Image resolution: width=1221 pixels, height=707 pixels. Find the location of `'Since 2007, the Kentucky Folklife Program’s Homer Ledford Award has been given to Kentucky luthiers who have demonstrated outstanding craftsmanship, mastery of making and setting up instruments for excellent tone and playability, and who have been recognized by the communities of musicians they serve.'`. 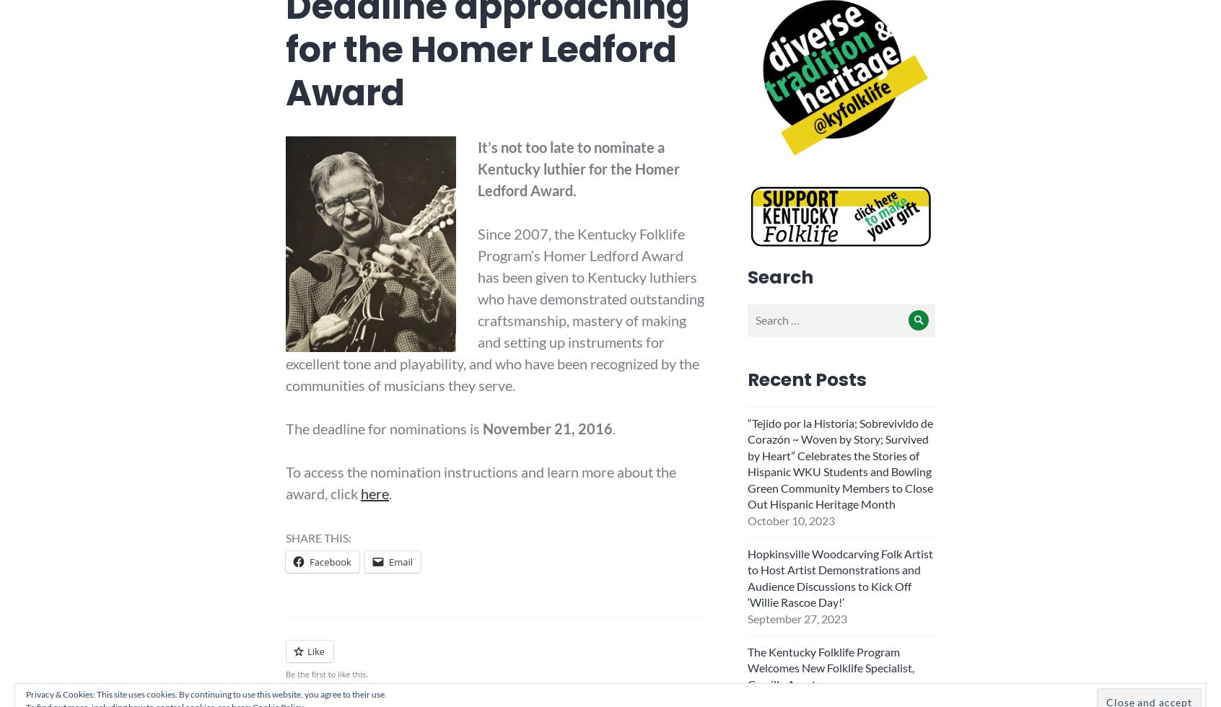

'Since 2007, the Kentucky Folklife Program’s Homer Ledford Award has been given to Kentucky luthiers who have demonstrated outstanding craftsmanship, mastery of making and setting up instruments for excellent tone and playability, and who have been recognized by the communities of musicians they serve.' is located at coordinates (494, 308).